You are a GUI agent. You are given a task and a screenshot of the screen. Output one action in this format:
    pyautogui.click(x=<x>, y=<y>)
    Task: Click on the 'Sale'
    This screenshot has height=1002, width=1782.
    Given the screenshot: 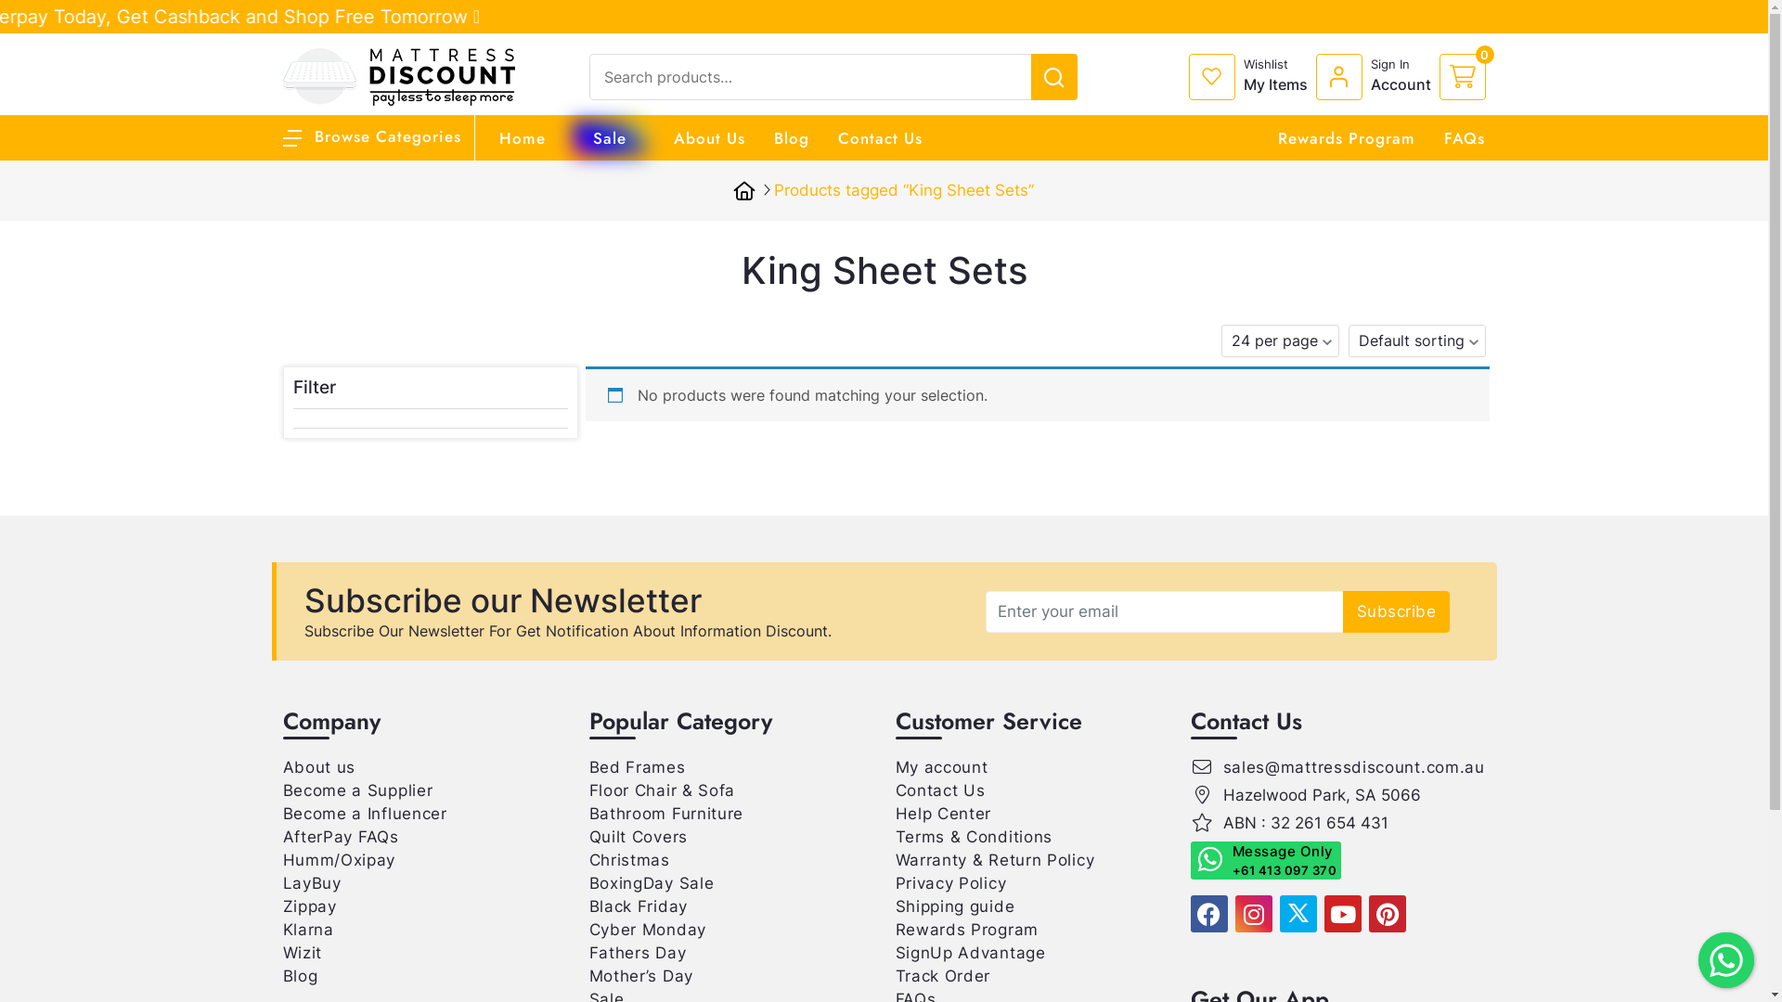 What is the action you would take?
    pyautogui.click(x=609, y=137)
    